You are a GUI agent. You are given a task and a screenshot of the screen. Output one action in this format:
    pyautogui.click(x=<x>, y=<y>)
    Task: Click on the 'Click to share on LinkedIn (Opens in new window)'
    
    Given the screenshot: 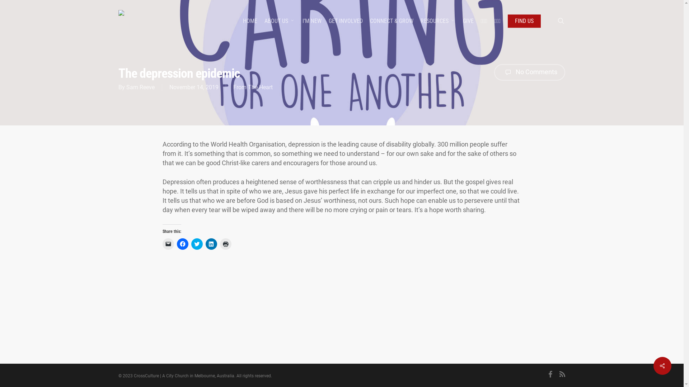 What is the action you would take?
    pyautogui.click(x=211, y=244)
    